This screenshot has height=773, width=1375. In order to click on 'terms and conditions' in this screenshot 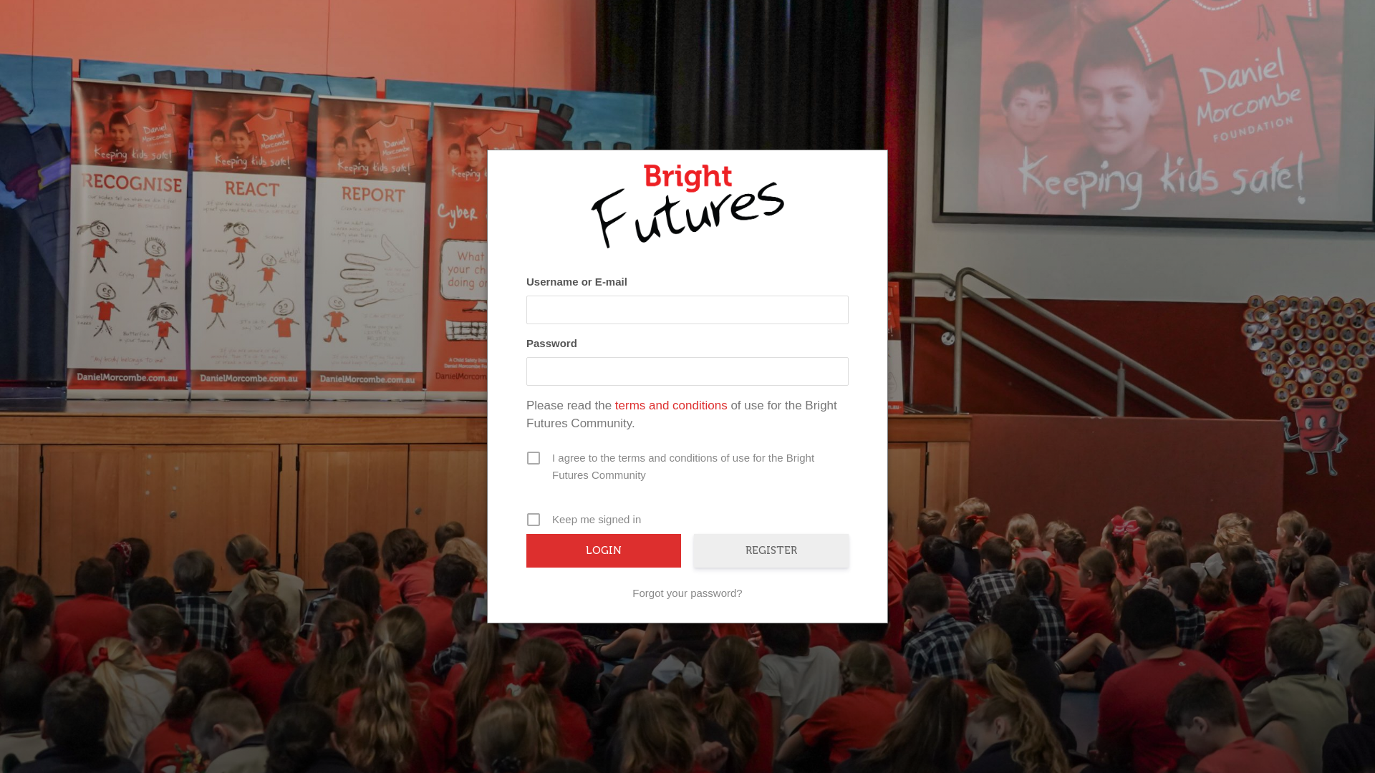, I will do `click(670, 405)`.